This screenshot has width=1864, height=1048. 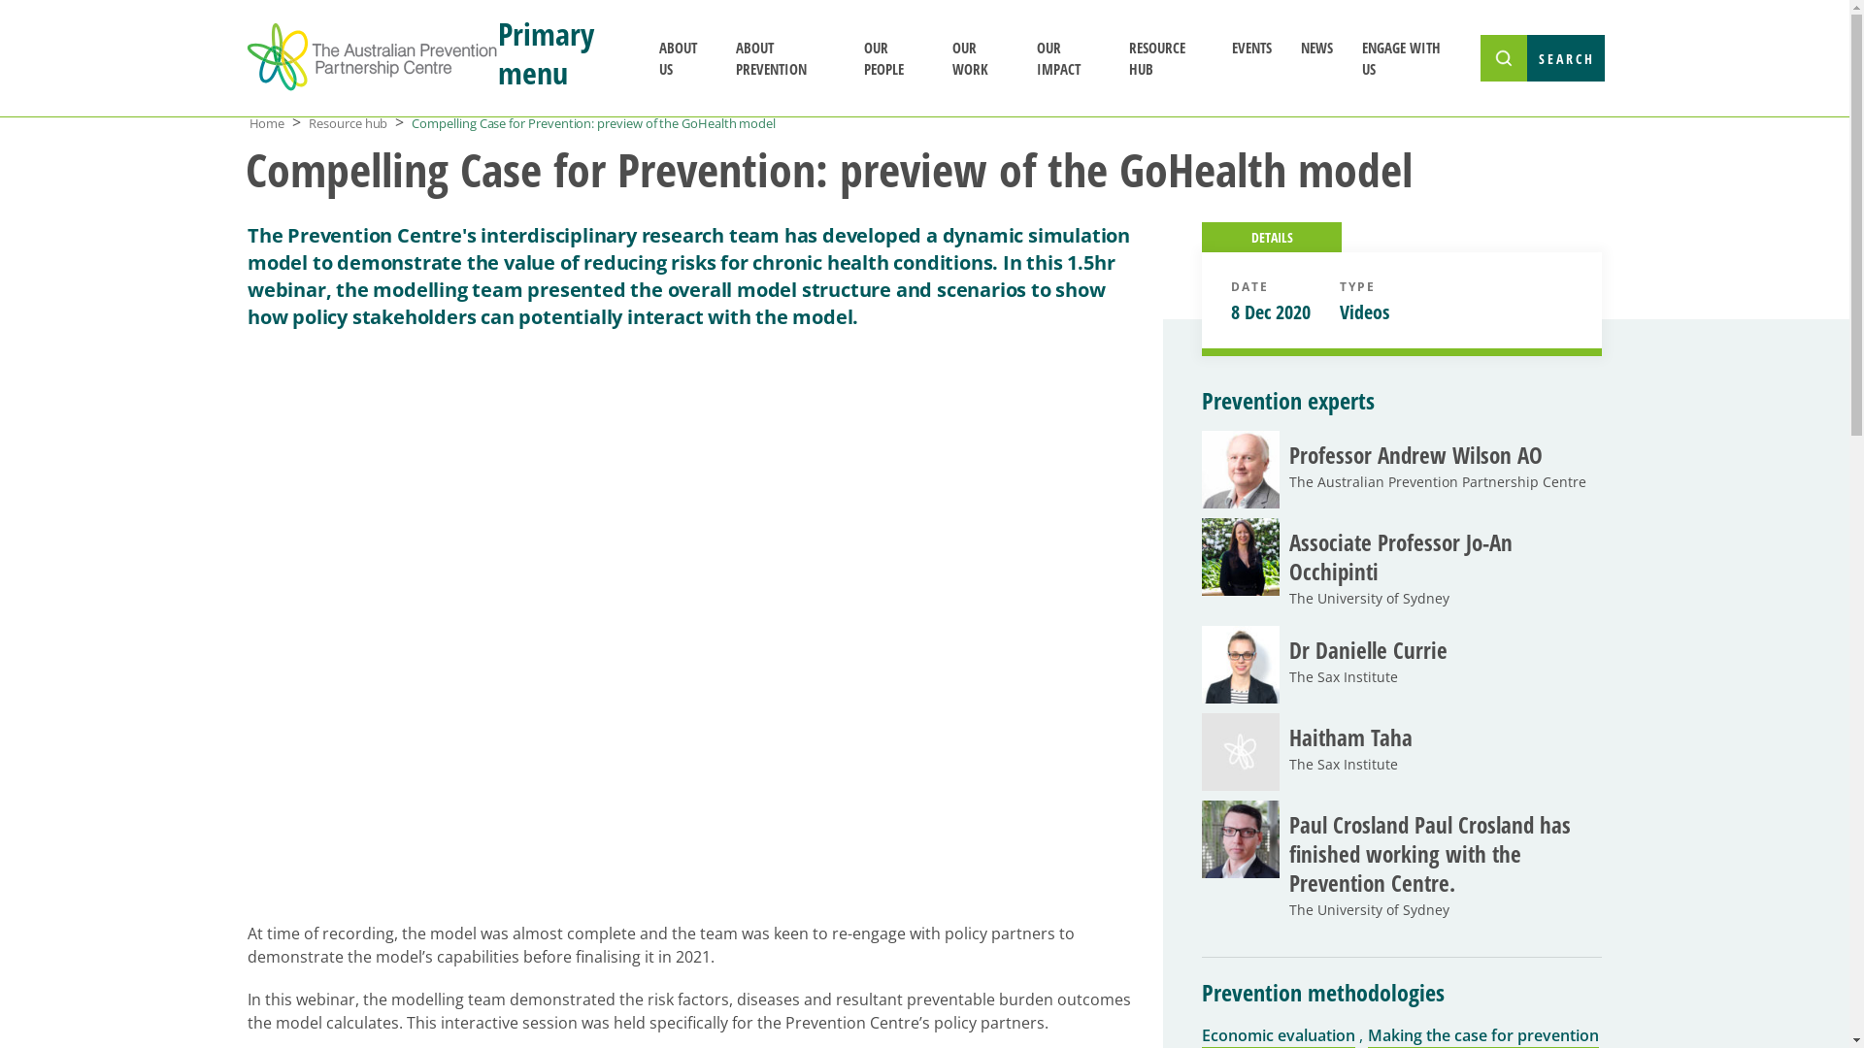 I want to click on 'EVENTS', so click(x=1251, y=46).